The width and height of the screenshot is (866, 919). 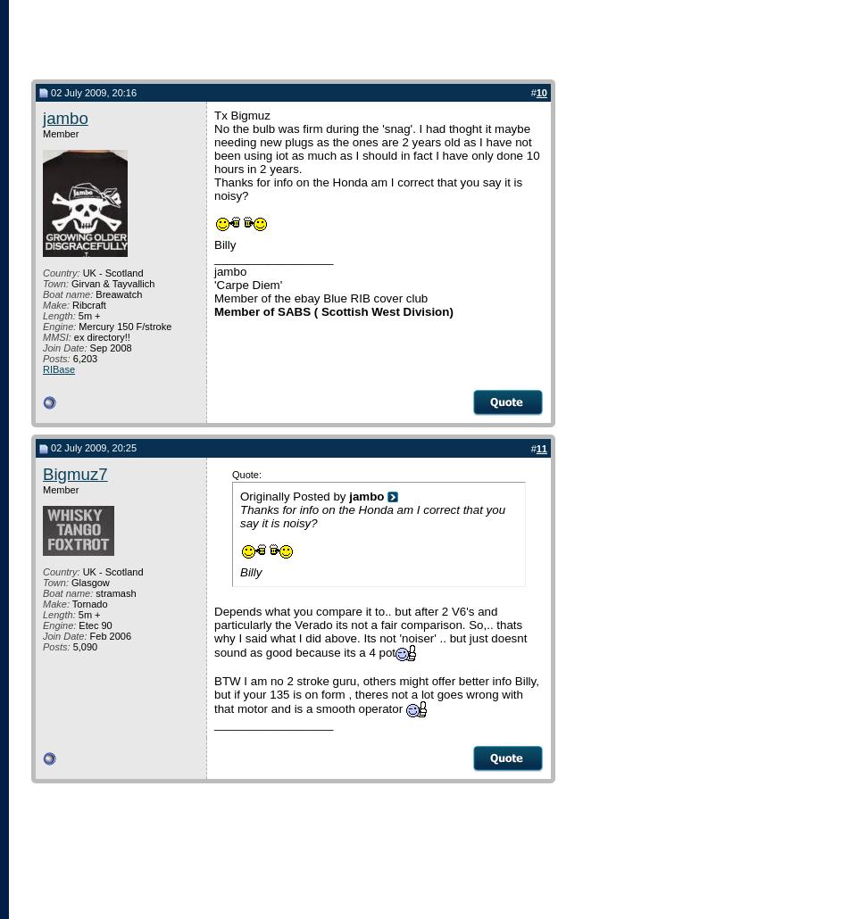 I want to click on ''Carpe Diem'', so click(x=247, y=284).